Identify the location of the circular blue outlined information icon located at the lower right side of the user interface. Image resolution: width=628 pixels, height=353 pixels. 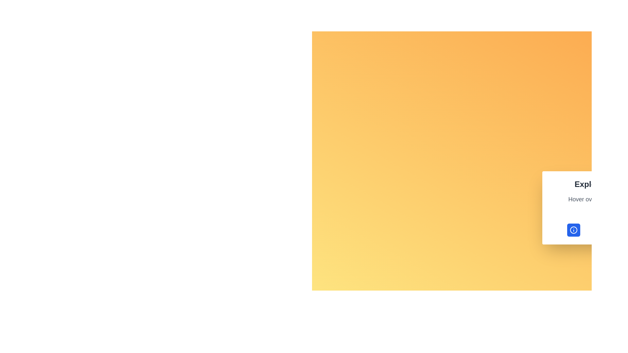
(573, 230).